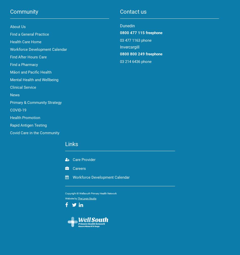  Describe the element at coordinates (26, 41) in the screenshot. I see `'Health Care Home'` at that location.